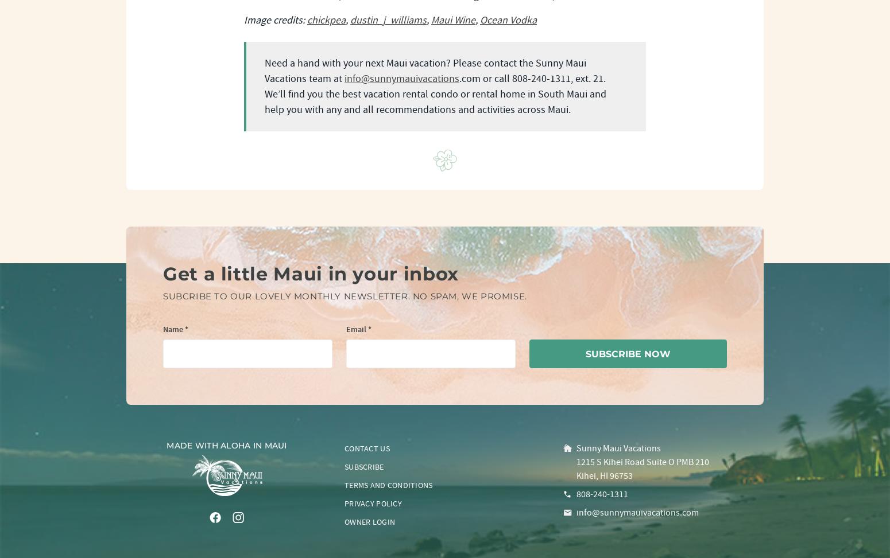 The height and width of the screenshot is (558, 890). Describe the element at coordinates (401, 78) in the screenshot. I see `'info@sunnymauivacations'` at that location.